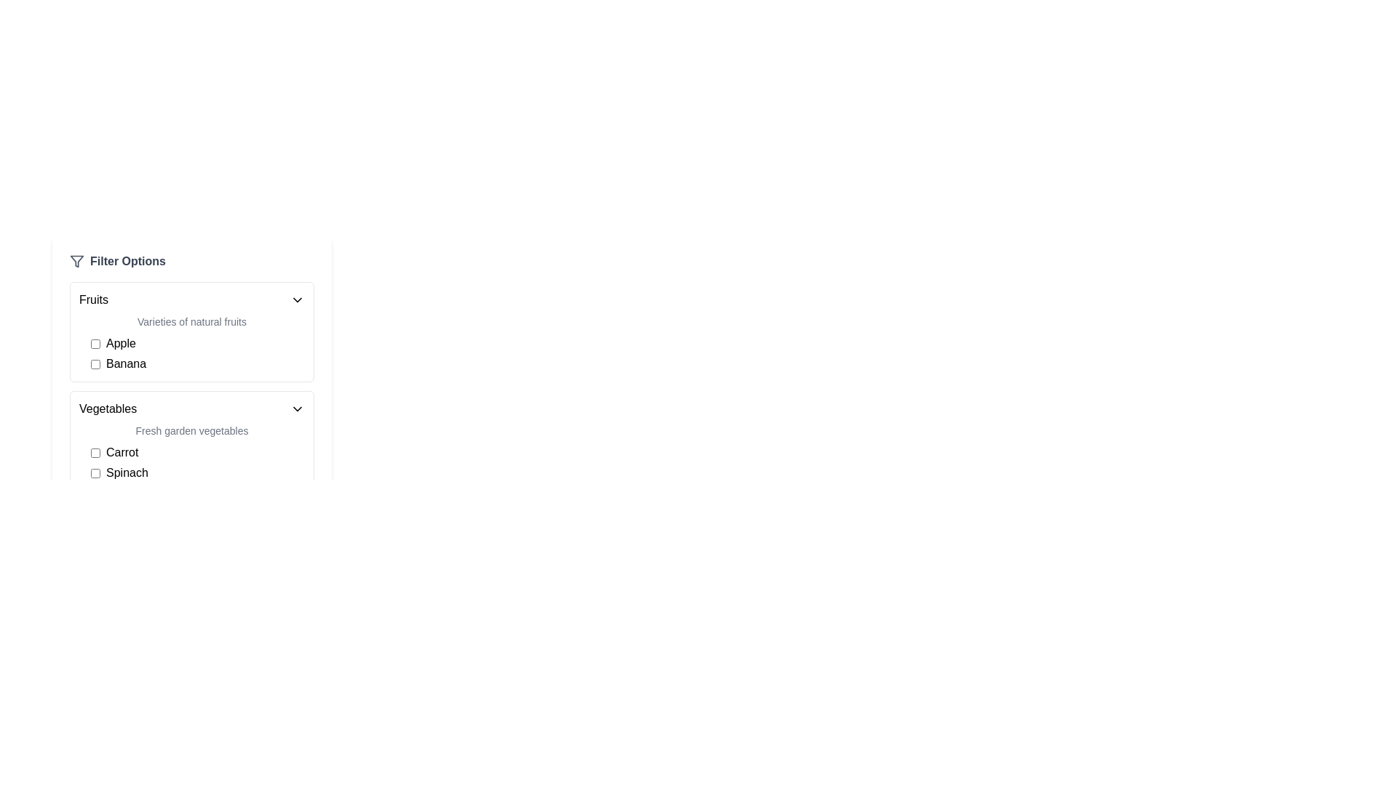 The width and height of the screenshot is (1397, 785). I want to click on the label displaying 'Varieties of natural fruits' which is styled in gray and located within the 'Fruits' dropdown section under 'Filter Options', so click(191, 321).